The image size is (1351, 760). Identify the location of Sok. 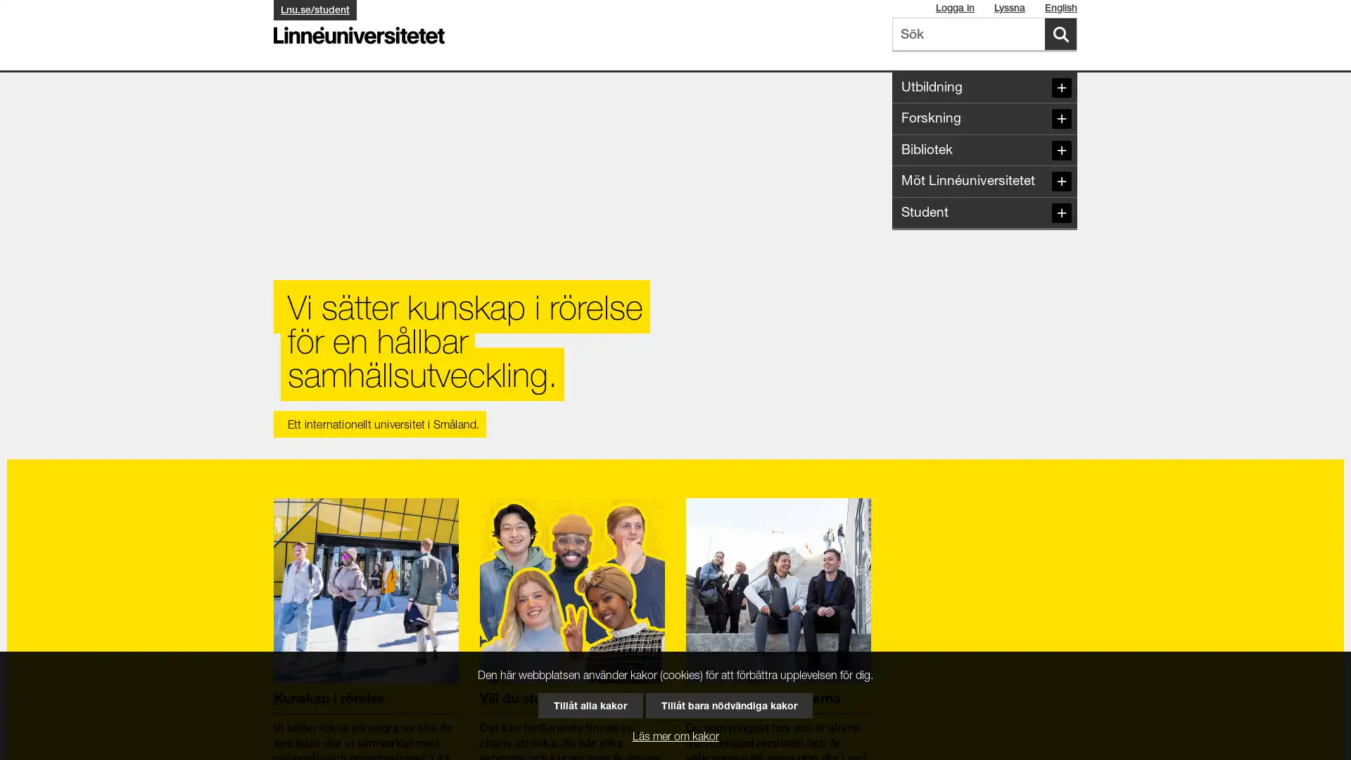
(1060, 32).